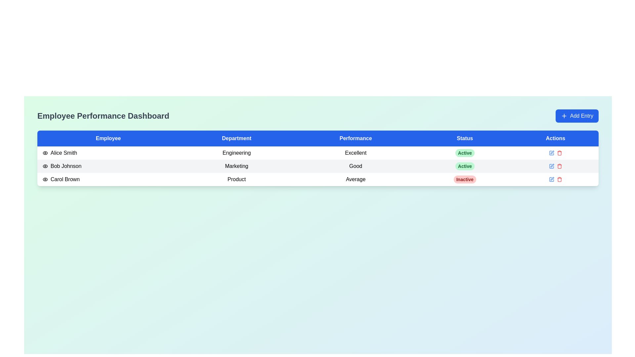  What do you see at coordinates (464, 153) in the screenshot?
I see `the non-interactive status indicator labeled 'Active' with green text and background, located in the 'Status' column of the first row of the table` at bounding box center [464, 153].